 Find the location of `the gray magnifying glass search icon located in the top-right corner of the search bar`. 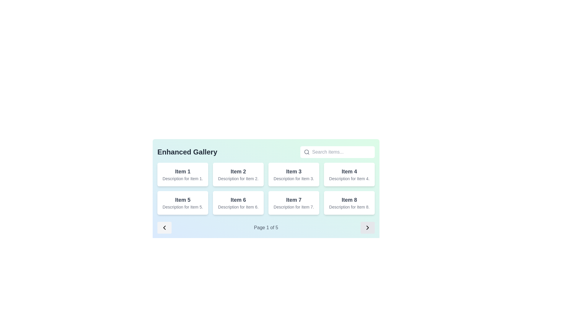

the gray magnifying glass search icon located in the top-right corner of the search bar is located at coordinates (307, 152).